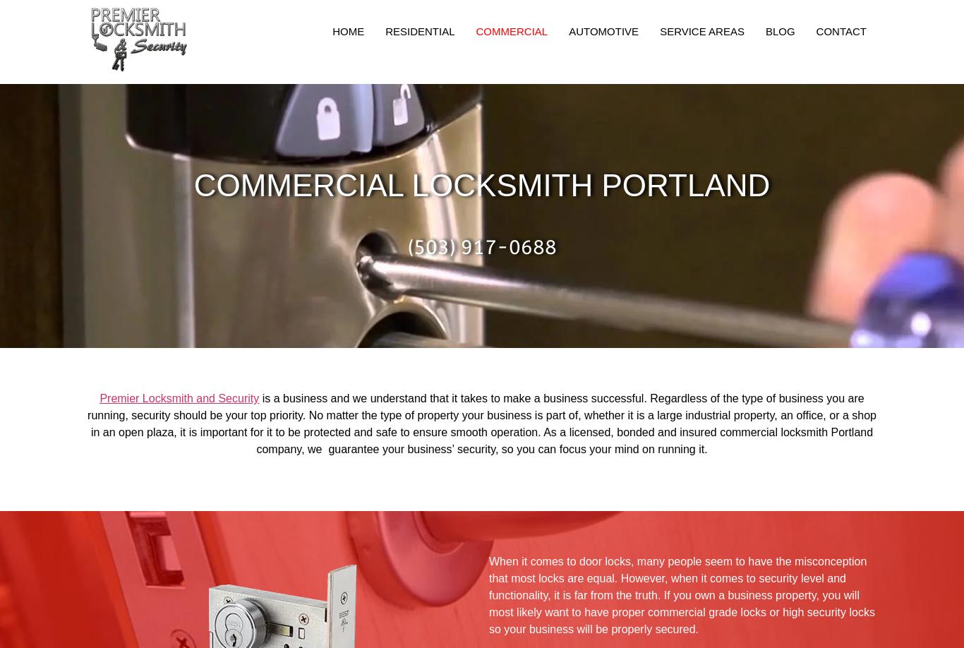 This screenshot has height=648, width=964. Describe the element at coordinates (481, 423) in the screenshot. I see `'is a business and we understand that it takes to make a business successful. Regardless of the type of business you are running, security should be your top priority. No matter the type of property your business is part of, whether it is a large industrial property, an office, or a shop in an open plaza, it is important for it to be protected and safe to ensure smooth operation. As a licensed, bonded and insured commercial locksmith Portland company, we  guarantee your business’ security, so you can focus your mind on running it.'` at that location.